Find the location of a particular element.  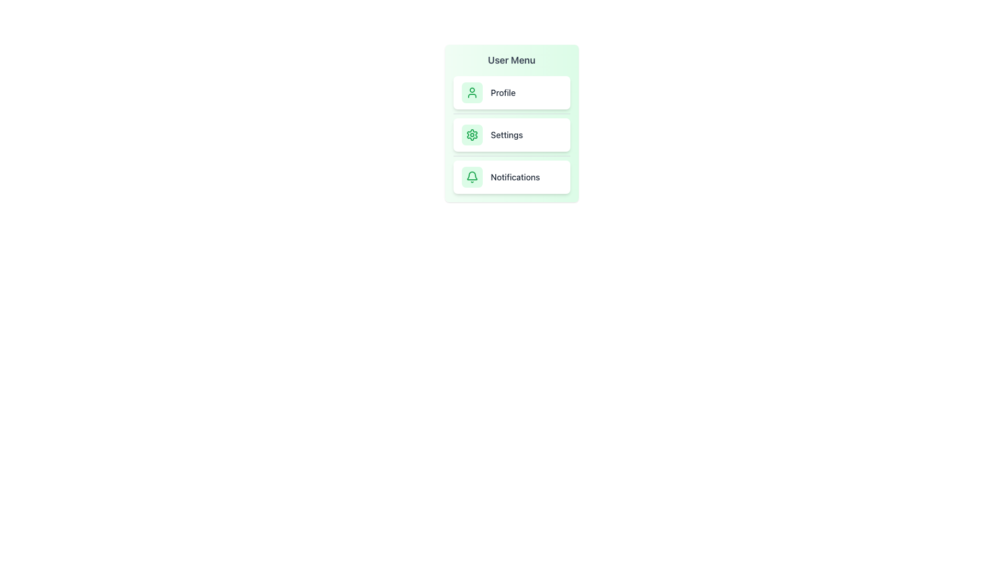

the bell icon within the 'Notifications' menu item is located at coordinates (471, 176).